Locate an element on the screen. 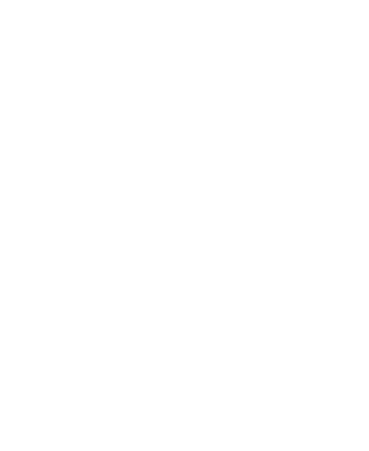 Image resolution: width=369 pixels, height=451 pixels. 'What's On' is located at coordinates (34, 111).